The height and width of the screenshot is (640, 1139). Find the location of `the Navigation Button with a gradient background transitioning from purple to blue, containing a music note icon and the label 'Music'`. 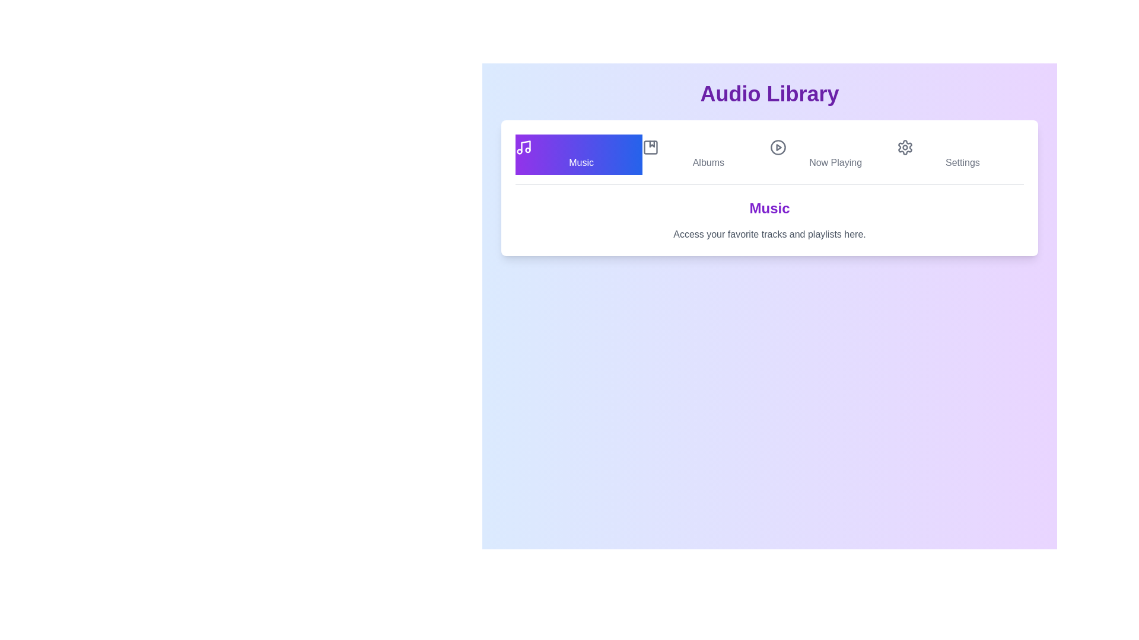

the Navigation Button with a gradient background transitioning from purple to blue, containing a music note icon and the label 'Music' is located at coordinates (579, 154).